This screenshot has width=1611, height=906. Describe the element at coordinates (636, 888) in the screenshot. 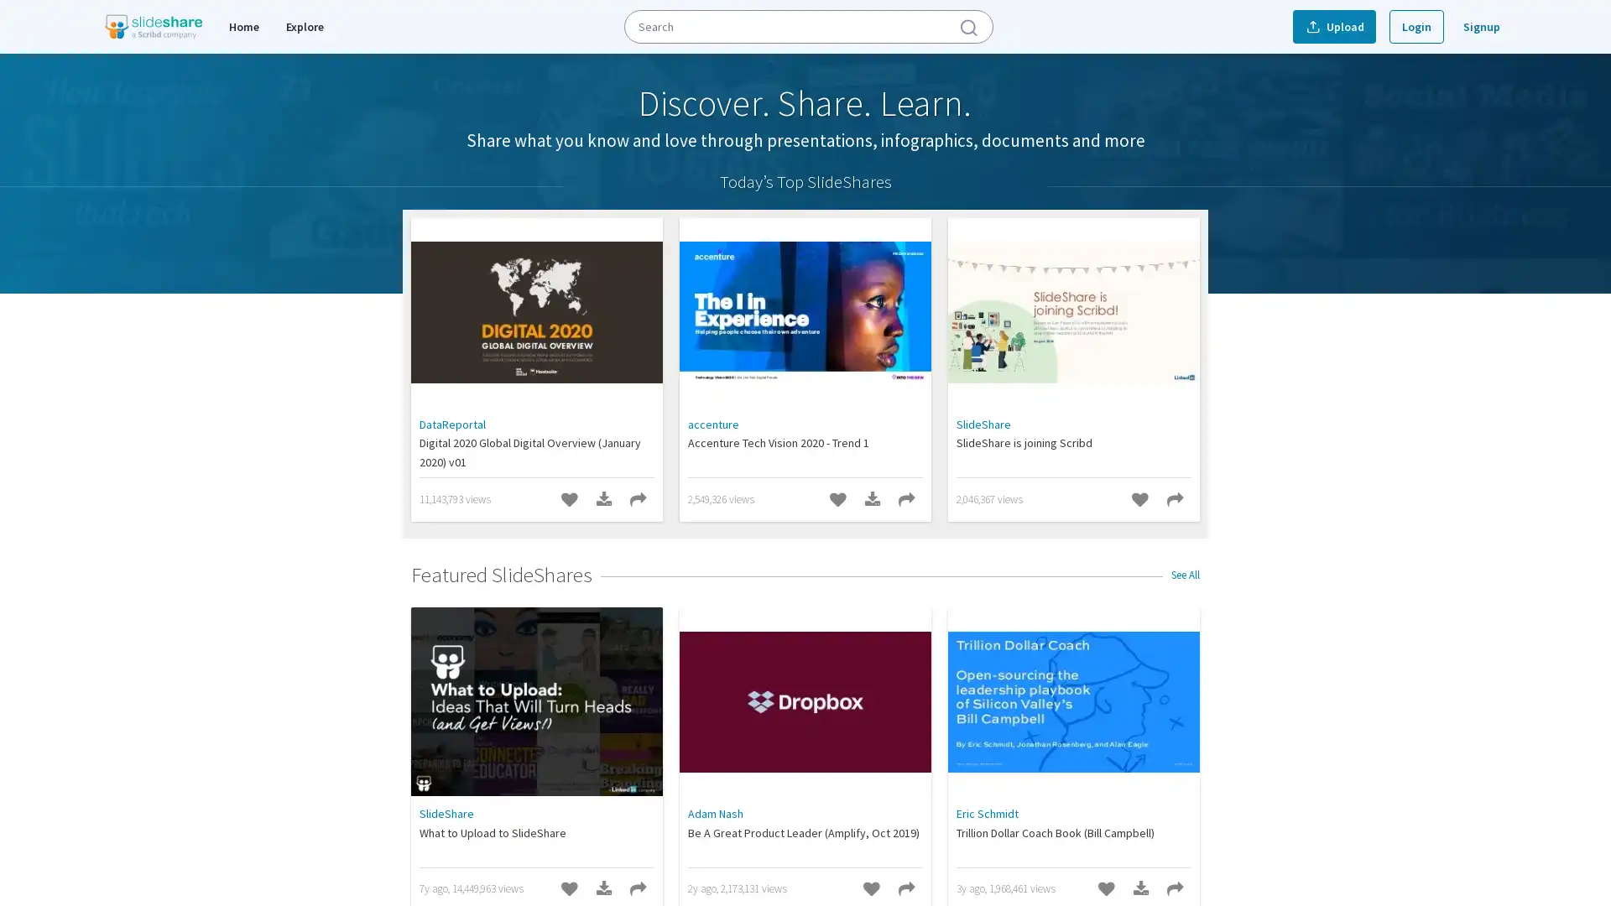

I see `Share What to Upload to SlideShare SlideShare.` at that location.